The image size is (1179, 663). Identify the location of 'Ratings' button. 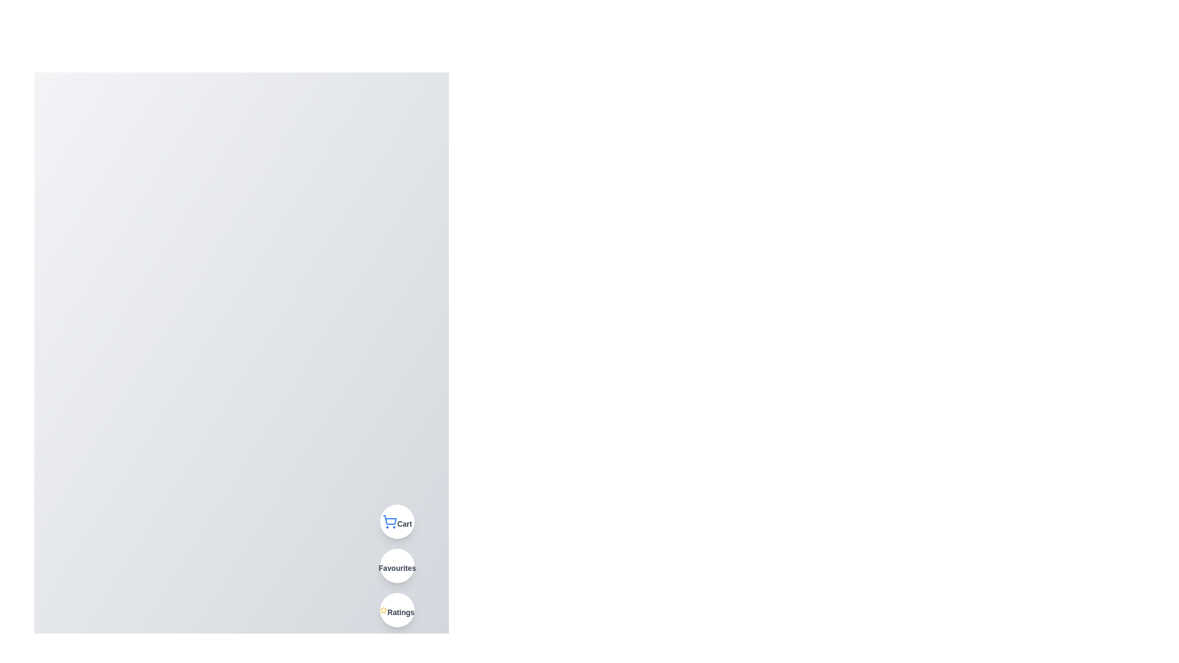
(397, 610).